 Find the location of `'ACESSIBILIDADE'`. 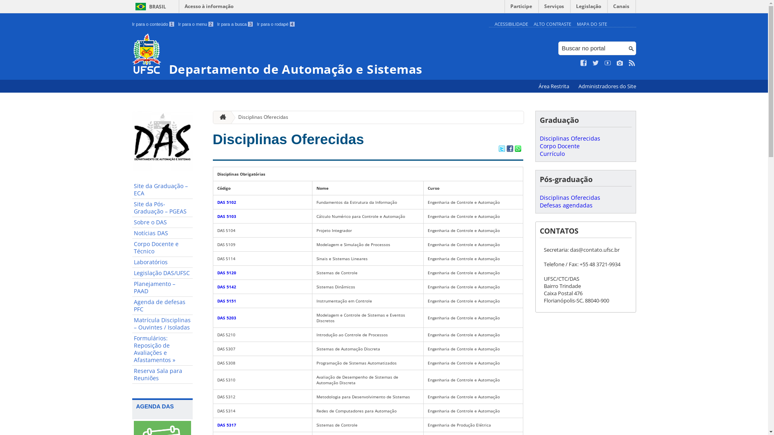

'ACESSIBILIDADE' is located at coordinates (493, 23).